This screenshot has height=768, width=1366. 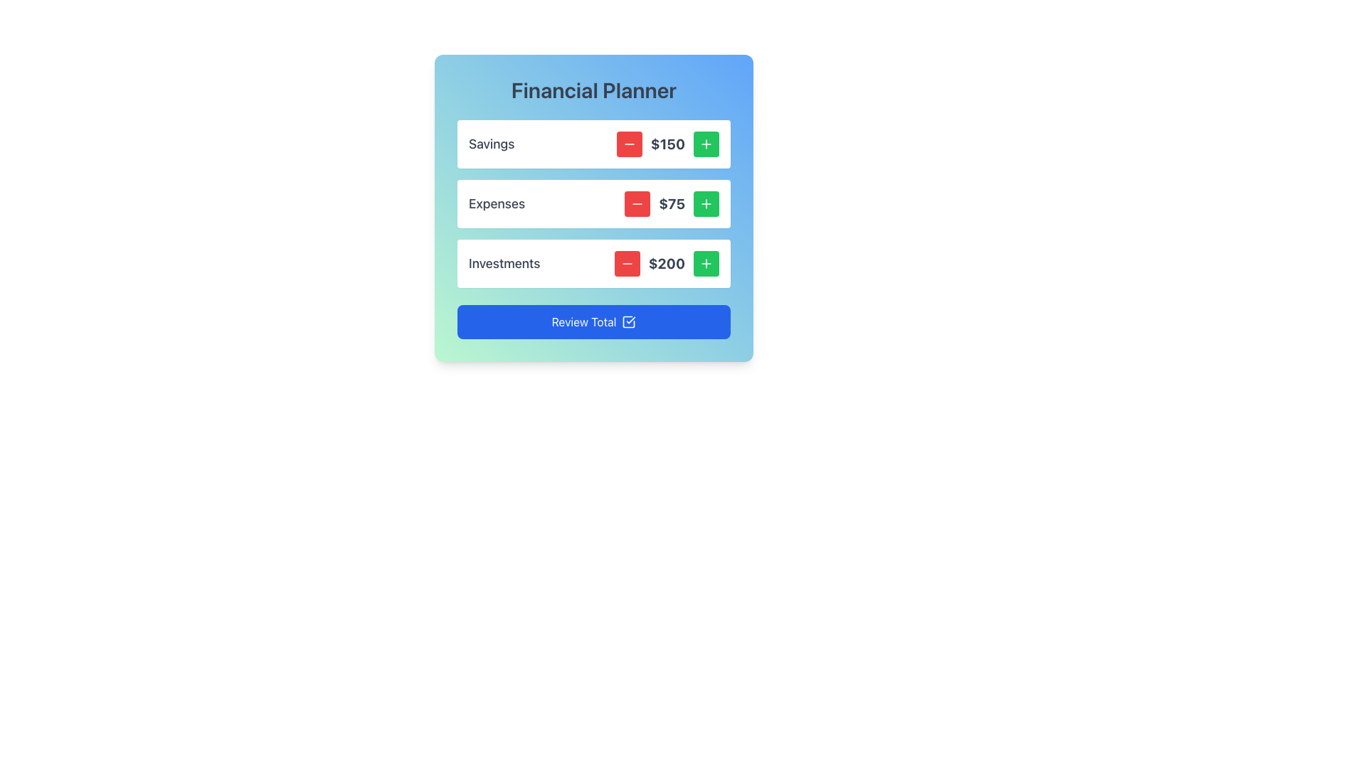 I want to click on the green square button with a white plus symbol next to the '$150' text in the 'Savings' row of the 'Financial Planner' card, so click(x=706, y=144).